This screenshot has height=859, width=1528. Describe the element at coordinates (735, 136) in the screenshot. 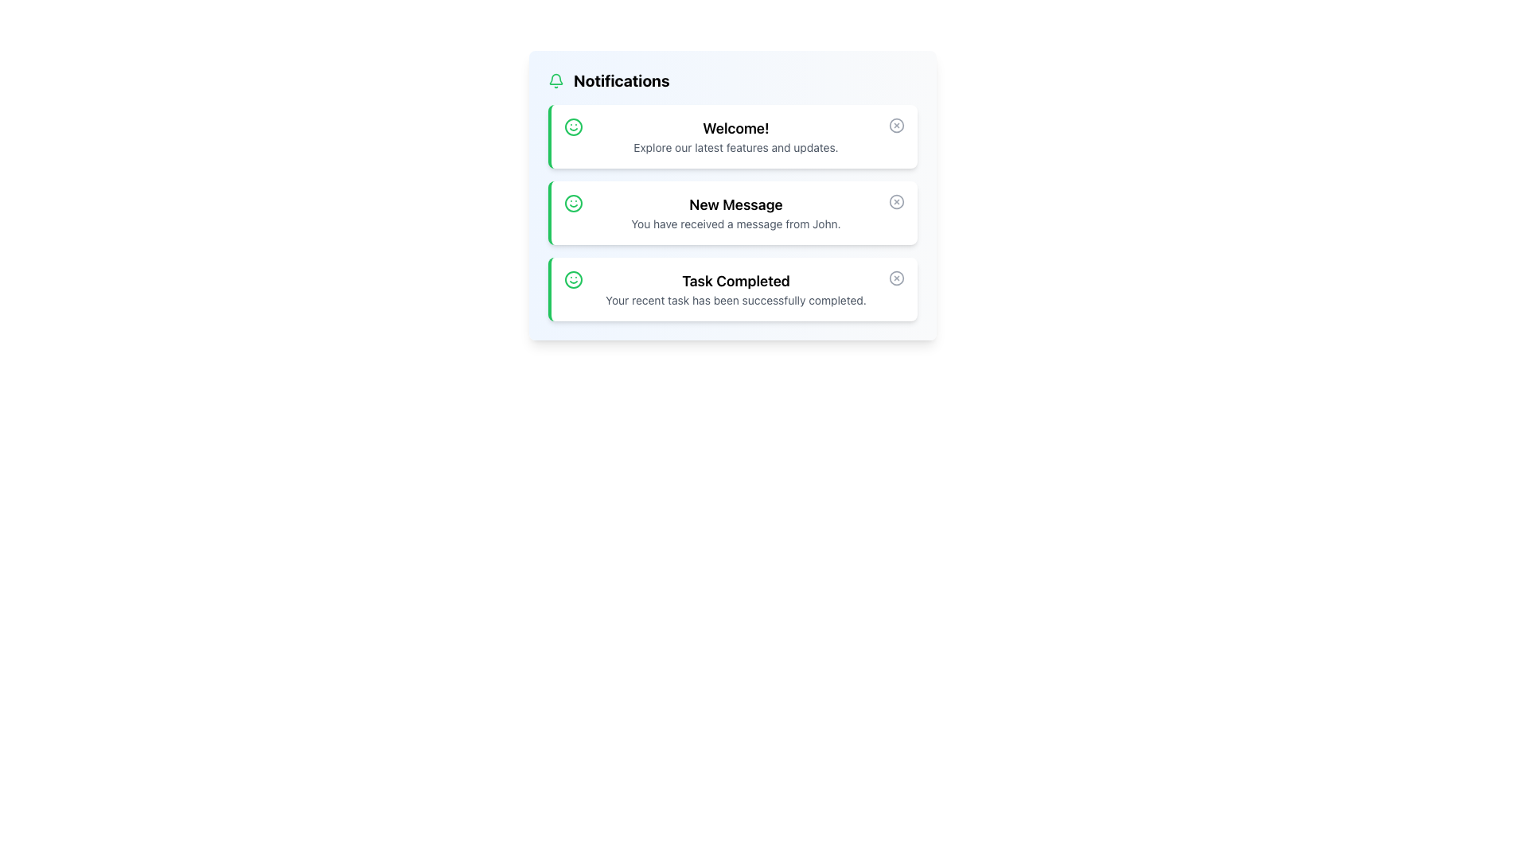

I see `the welcome message text block located at the top of the notifications list, which is positioned between a green icon on the left and a close icon on the right` at that location.